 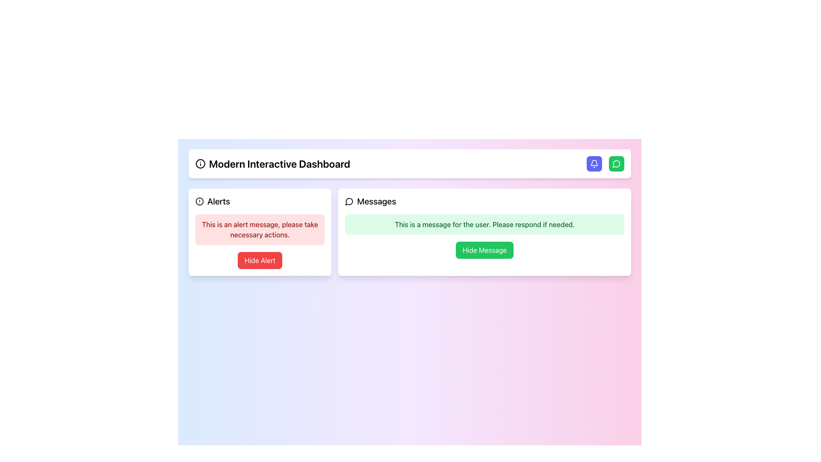 I want to click on the alert warning SVG icon located at the top left corner of the 'Alerts' card, next to the title 'Alerts', so click(x=199, y=201).